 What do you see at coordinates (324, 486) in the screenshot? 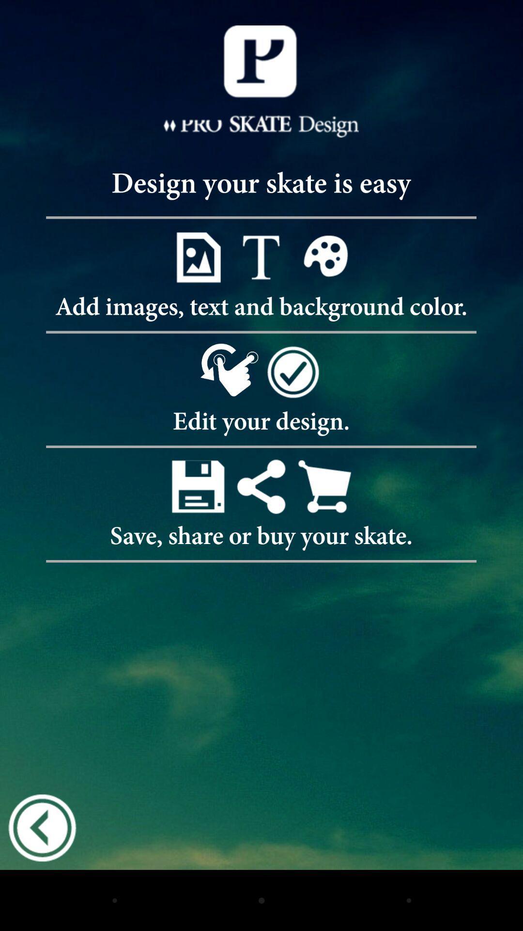
I see `the cart` at bounding box center [324, 486].